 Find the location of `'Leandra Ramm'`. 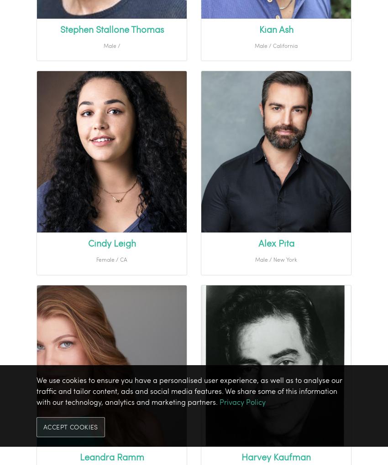

'Leandra Ramm' is located at coordinates (111, 457).